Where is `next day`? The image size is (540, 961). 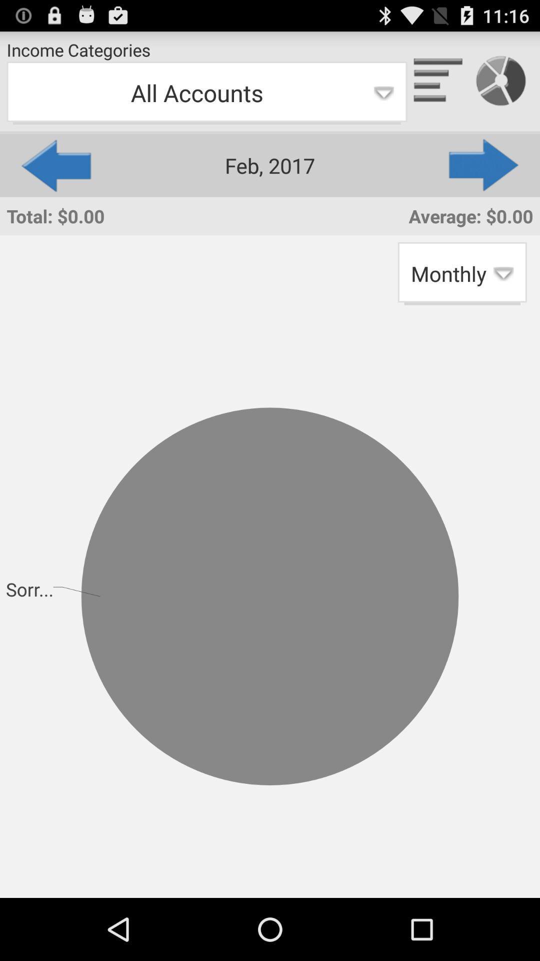 next day is located at coordinates (484, 165).